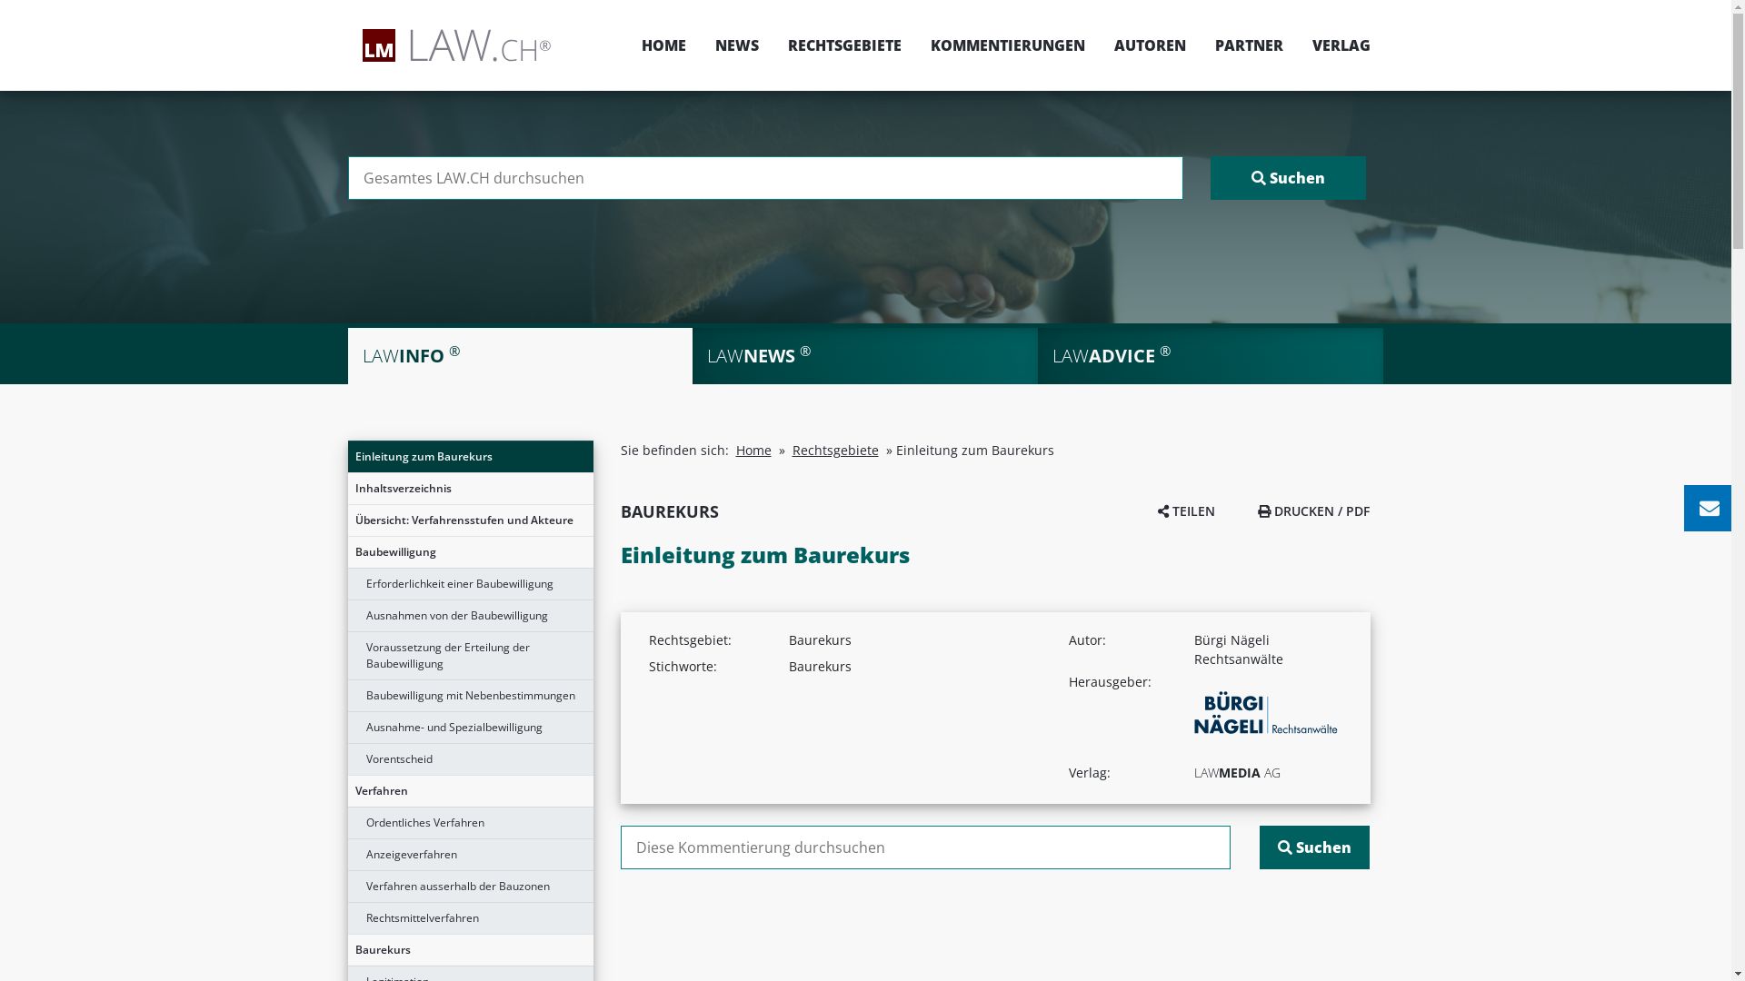  What do you see at coordinates (347, 695) in the screenshot?
I see `'Baubewilligung mit Nebenbestimmungen'` at bounding box center [347, 695].